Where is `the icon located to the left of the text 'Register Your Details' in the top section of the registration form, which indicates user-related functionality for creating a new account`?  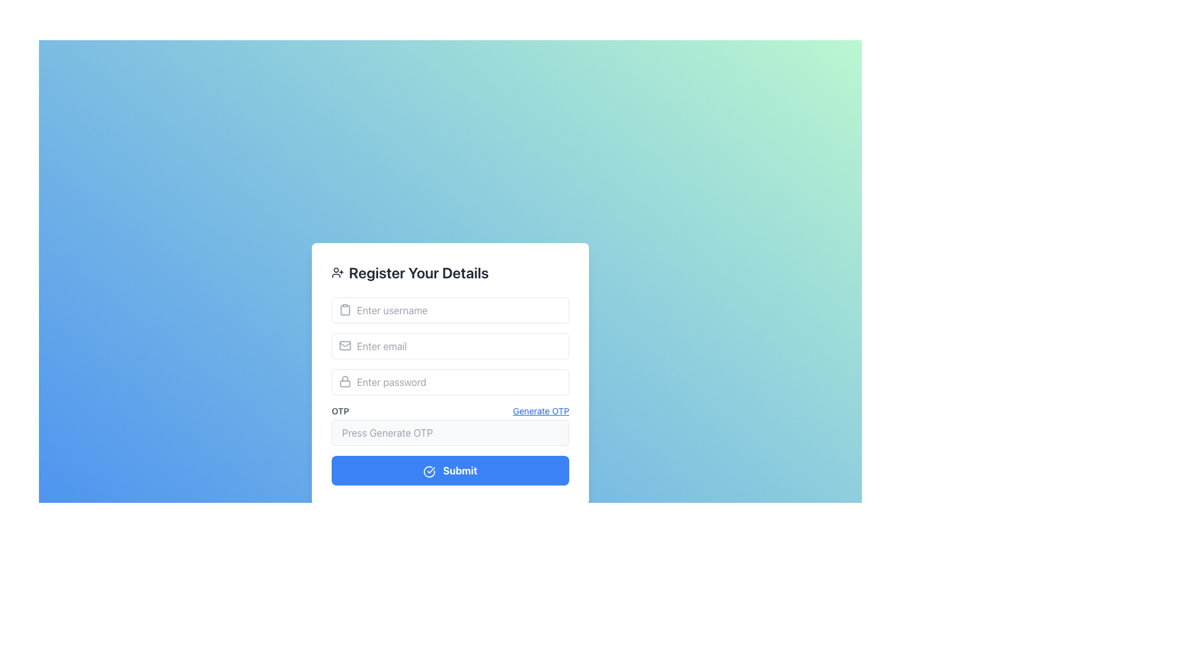 the icon located to the left of the text 'Register Your Details' in the top section of the registration form, which indicates user-related functionality for creating a new account is located at coordinates (338, 272).